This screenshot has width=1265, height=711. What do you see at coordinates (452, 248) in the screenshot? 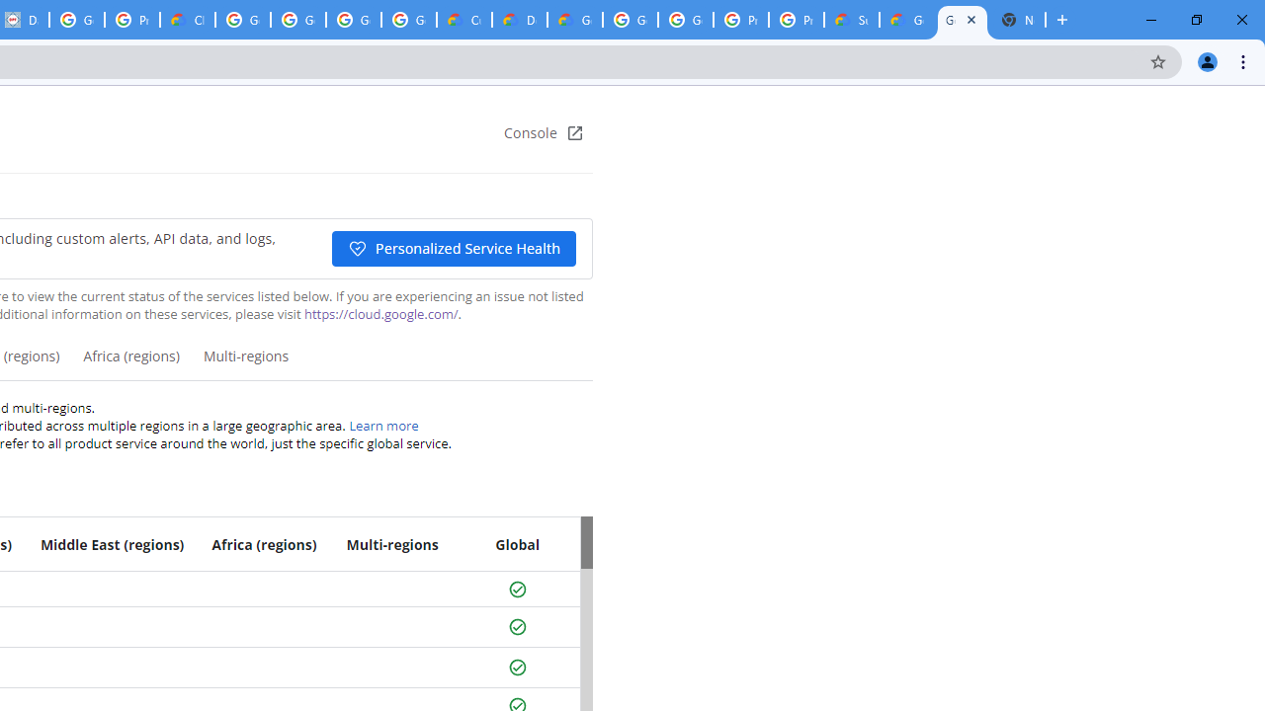
I see `'Personalized Service Health'` at bounding box center [452, 248].